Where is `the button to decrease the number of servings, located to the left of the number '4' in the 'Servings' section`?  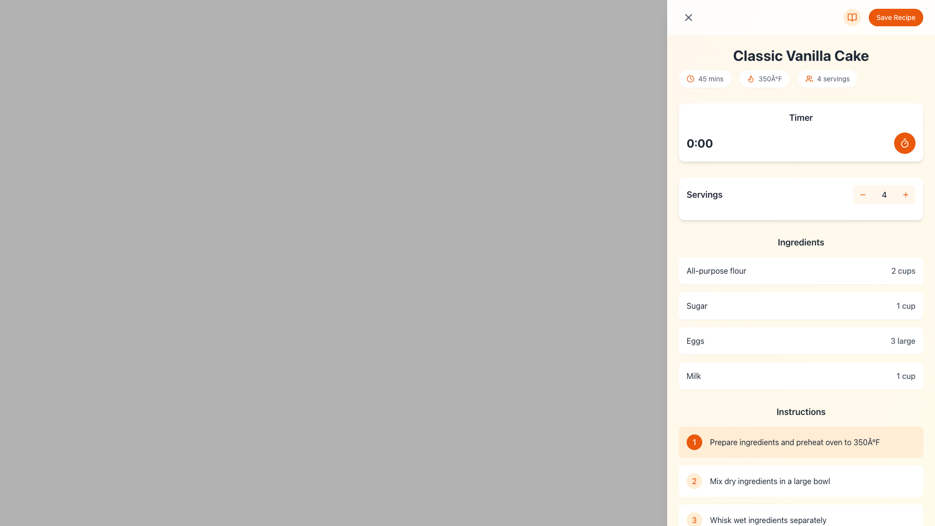
the button to decrease the number of servings, located to the left of the number '4' in the 'Servings' section is located at coordinates (862, 195).